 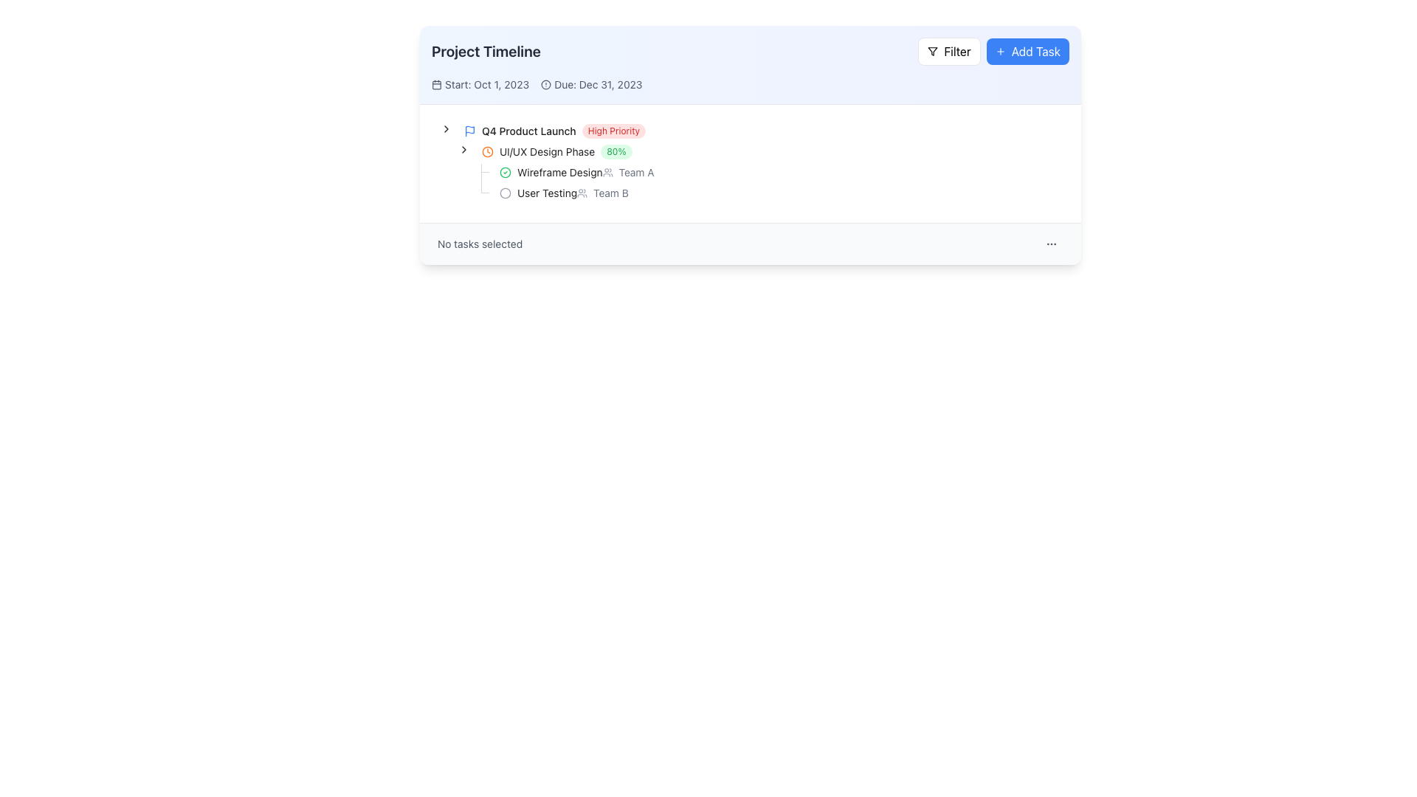 I want to click on the graphical spacer or indentation unit that visually represents the second indentation level in the collapsible tree structure, so click(x=463, y=193).